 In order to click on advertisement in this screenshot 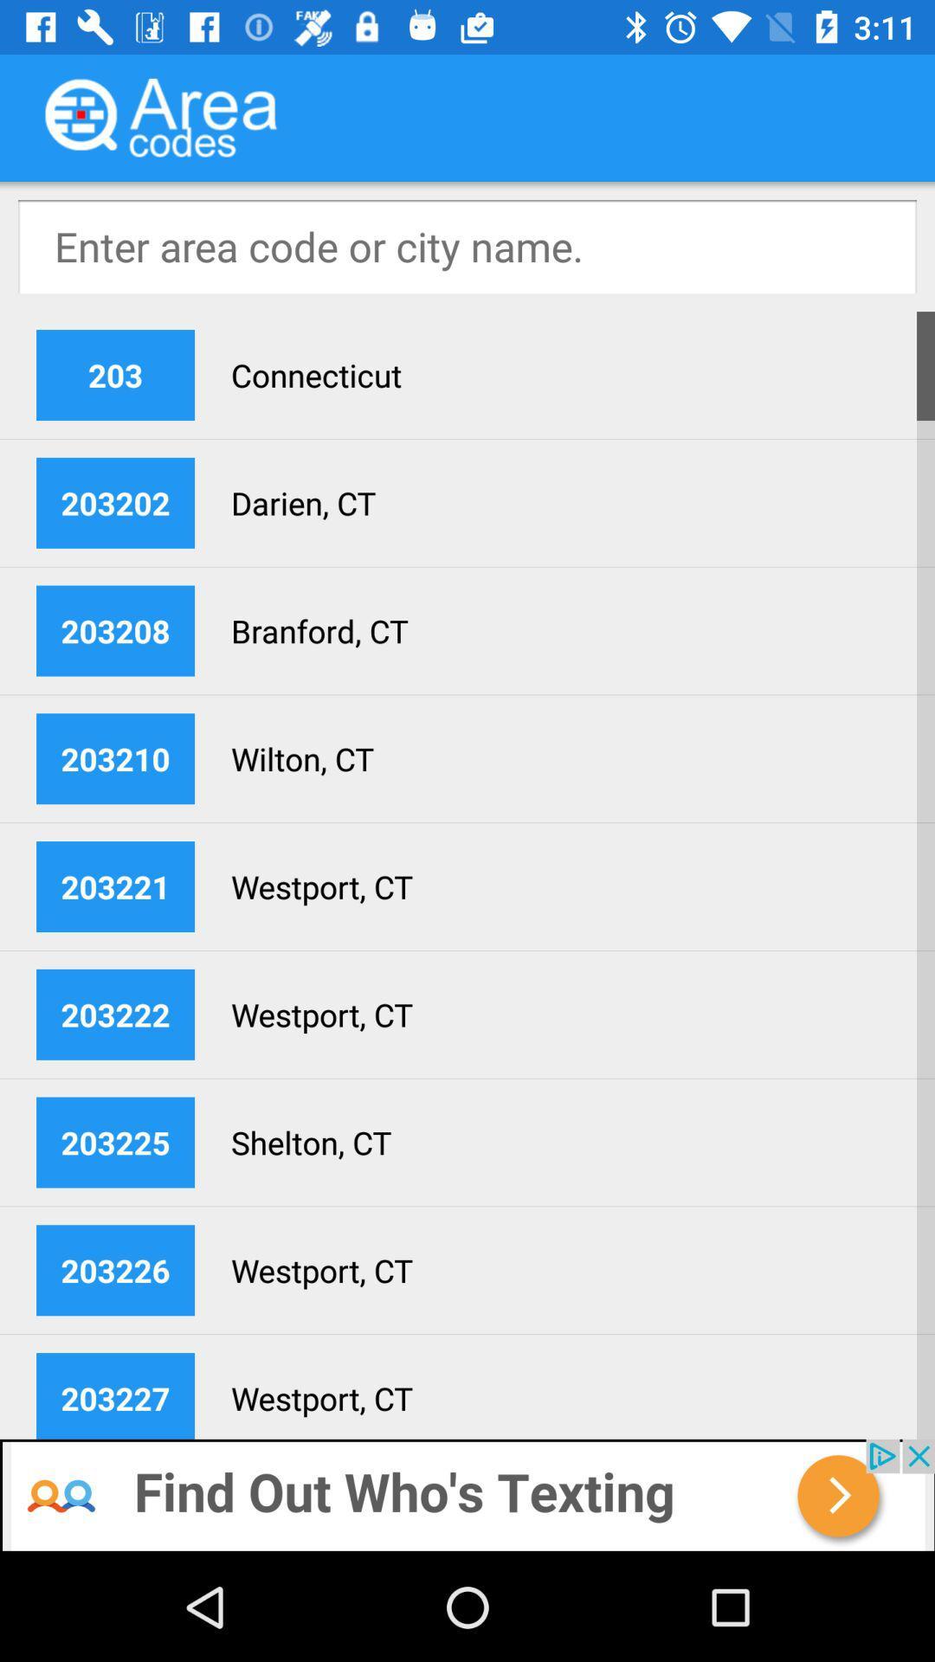, I will do `click(467, 1495)`.